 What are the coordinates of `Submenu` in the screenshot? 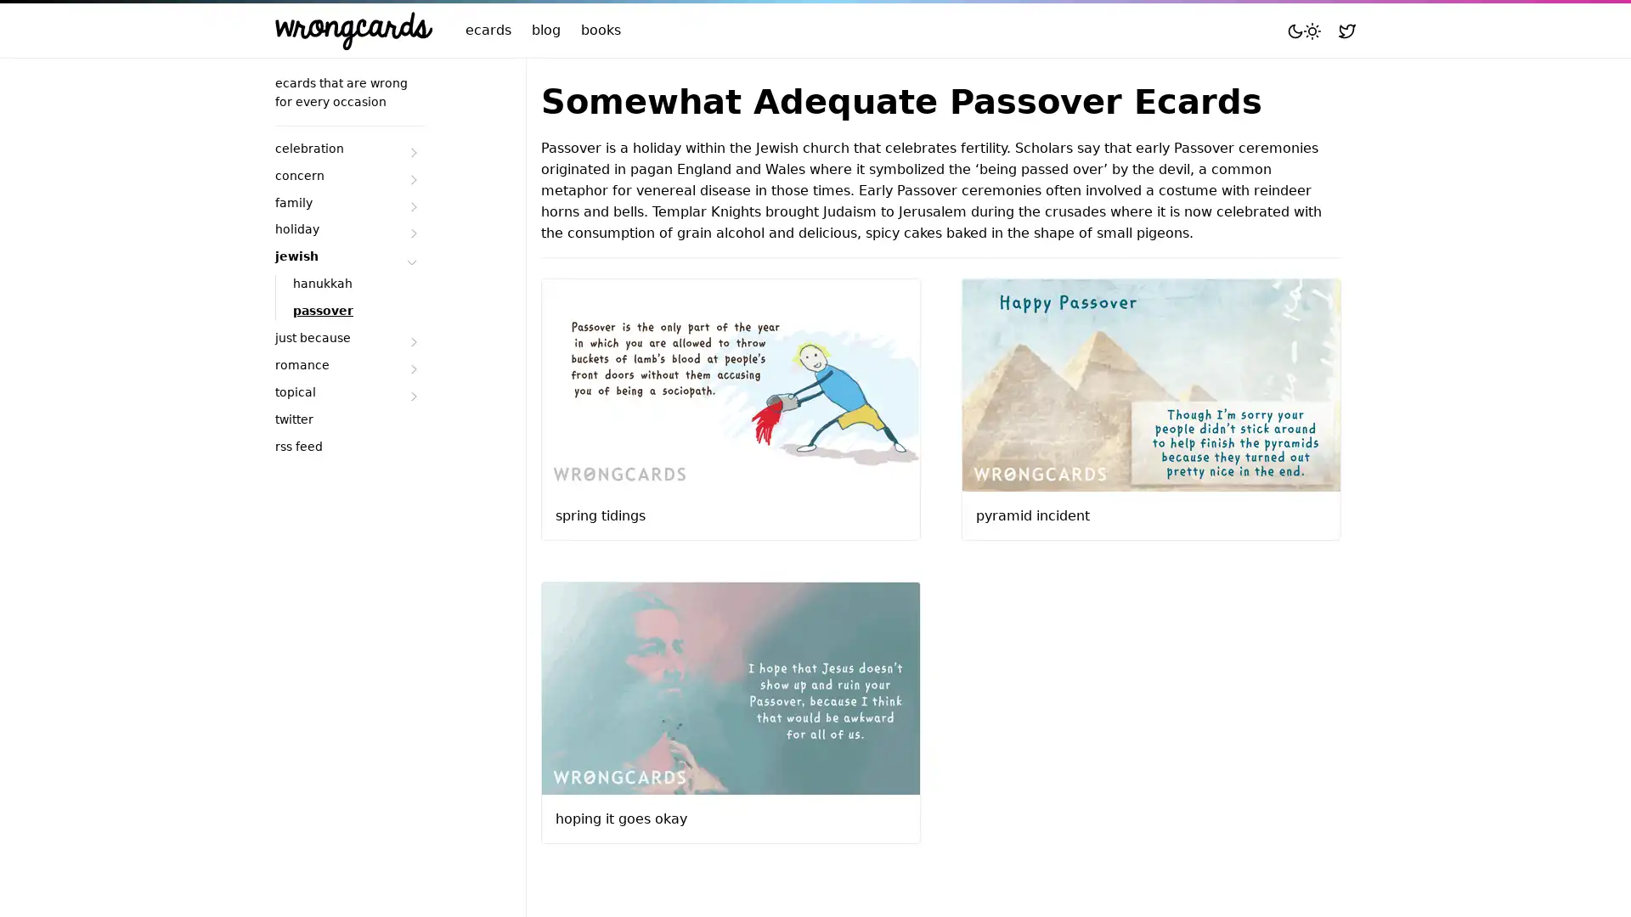 It's located at (411, 233).